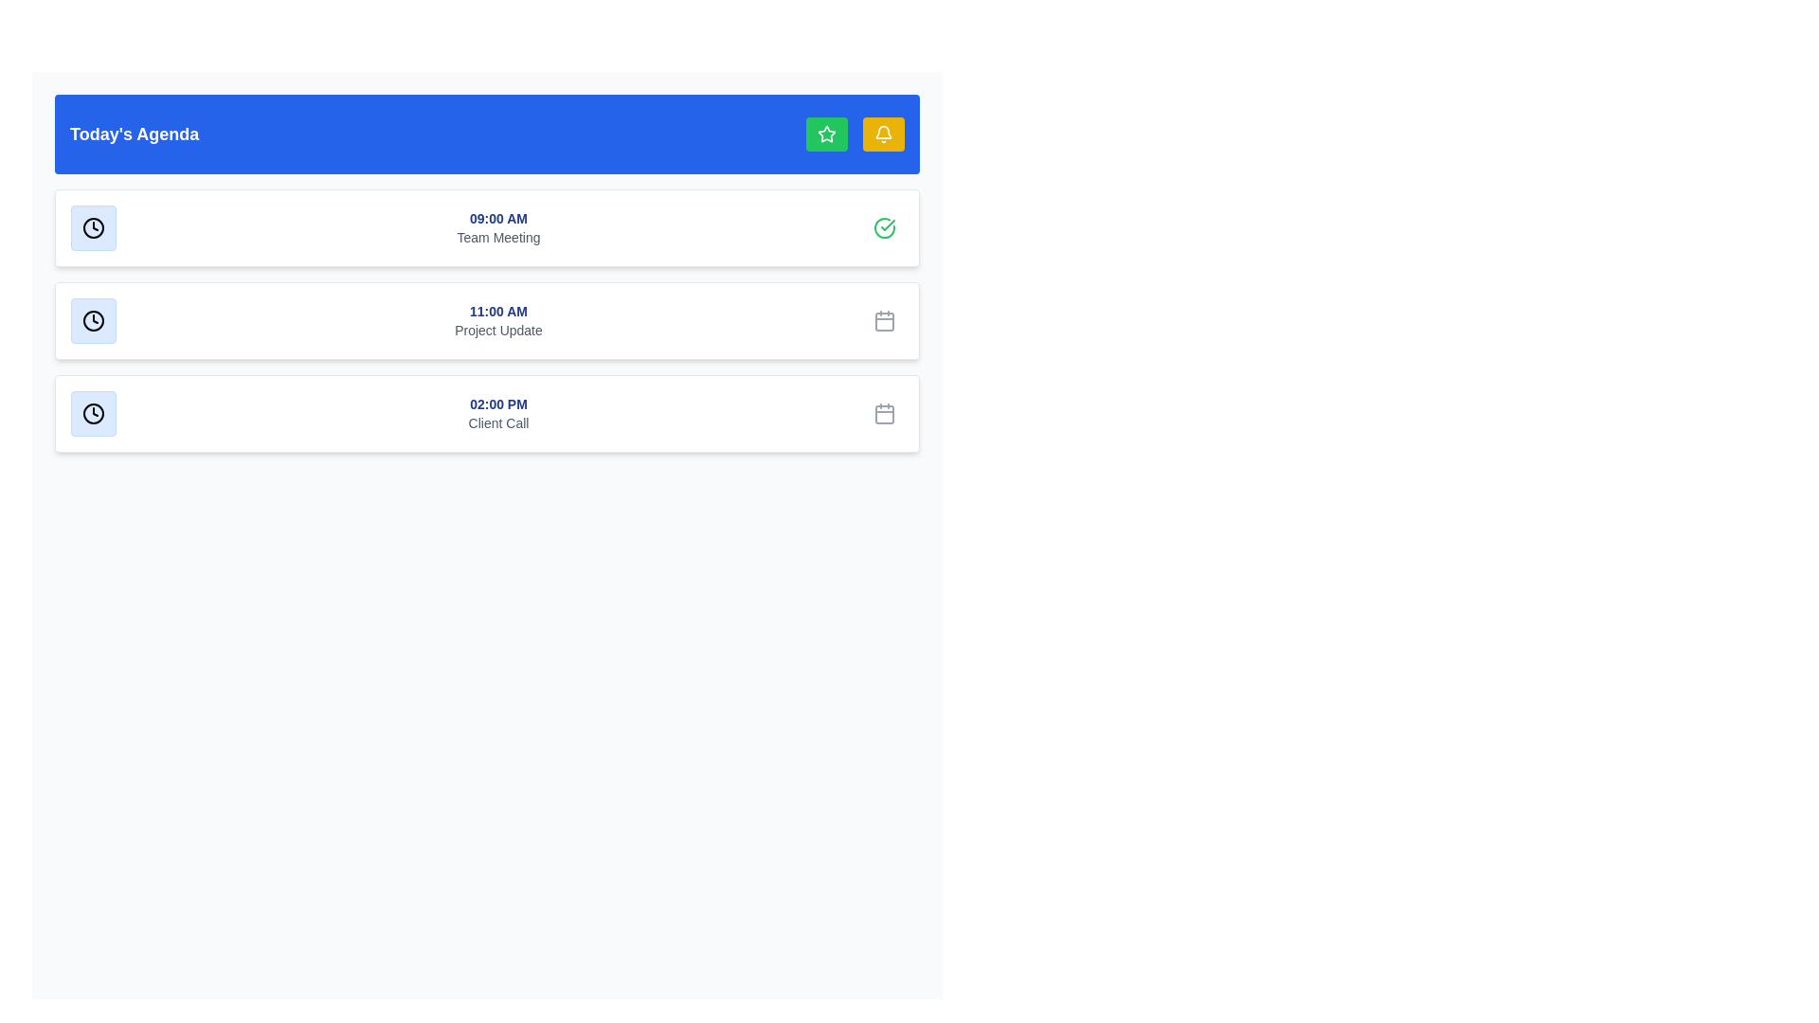 The height and width of the screenshot is (1023, 1819). Describe the element at coordinates (884, 412) in the screenshot. I see `the interactive button associated with the '02:00 PM Client Call' event` at that location.